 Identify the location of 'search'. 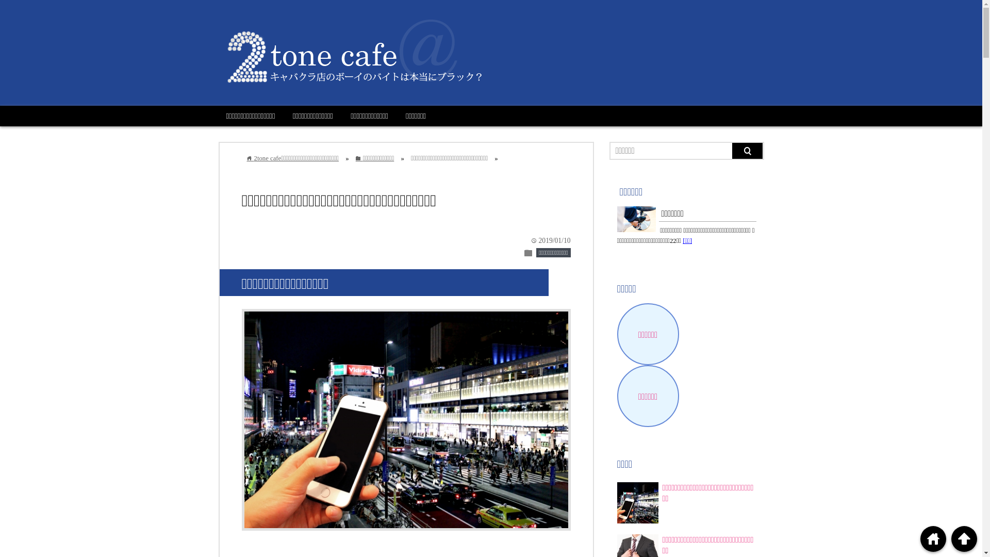
(747, 151).